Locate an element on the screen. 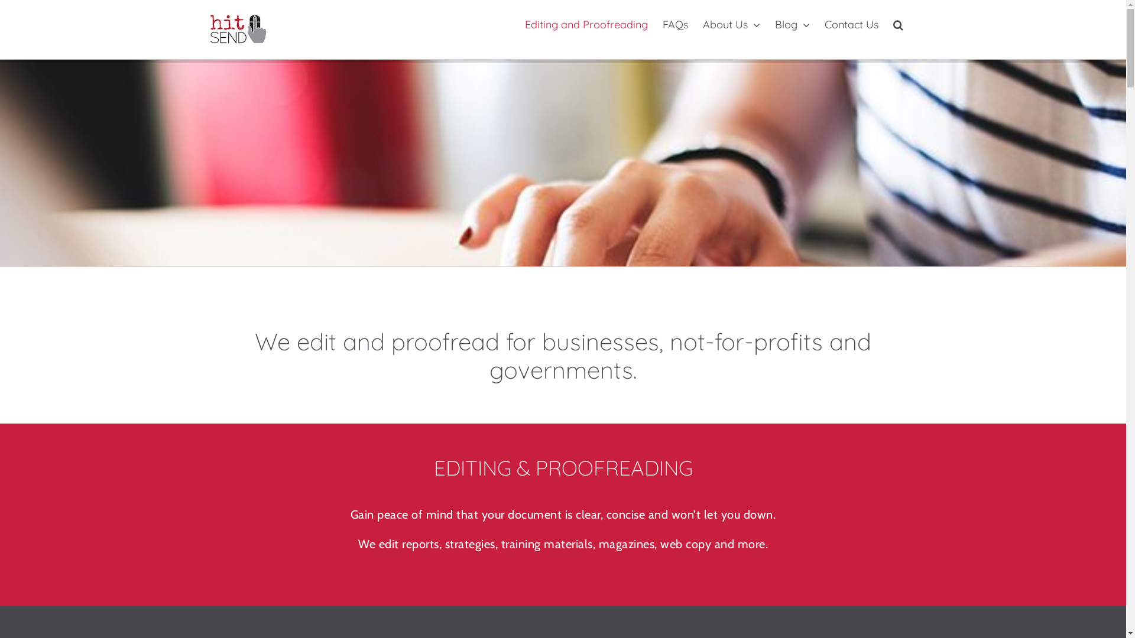  'Editing and Proofreading' is located at coordinates (586, 25).